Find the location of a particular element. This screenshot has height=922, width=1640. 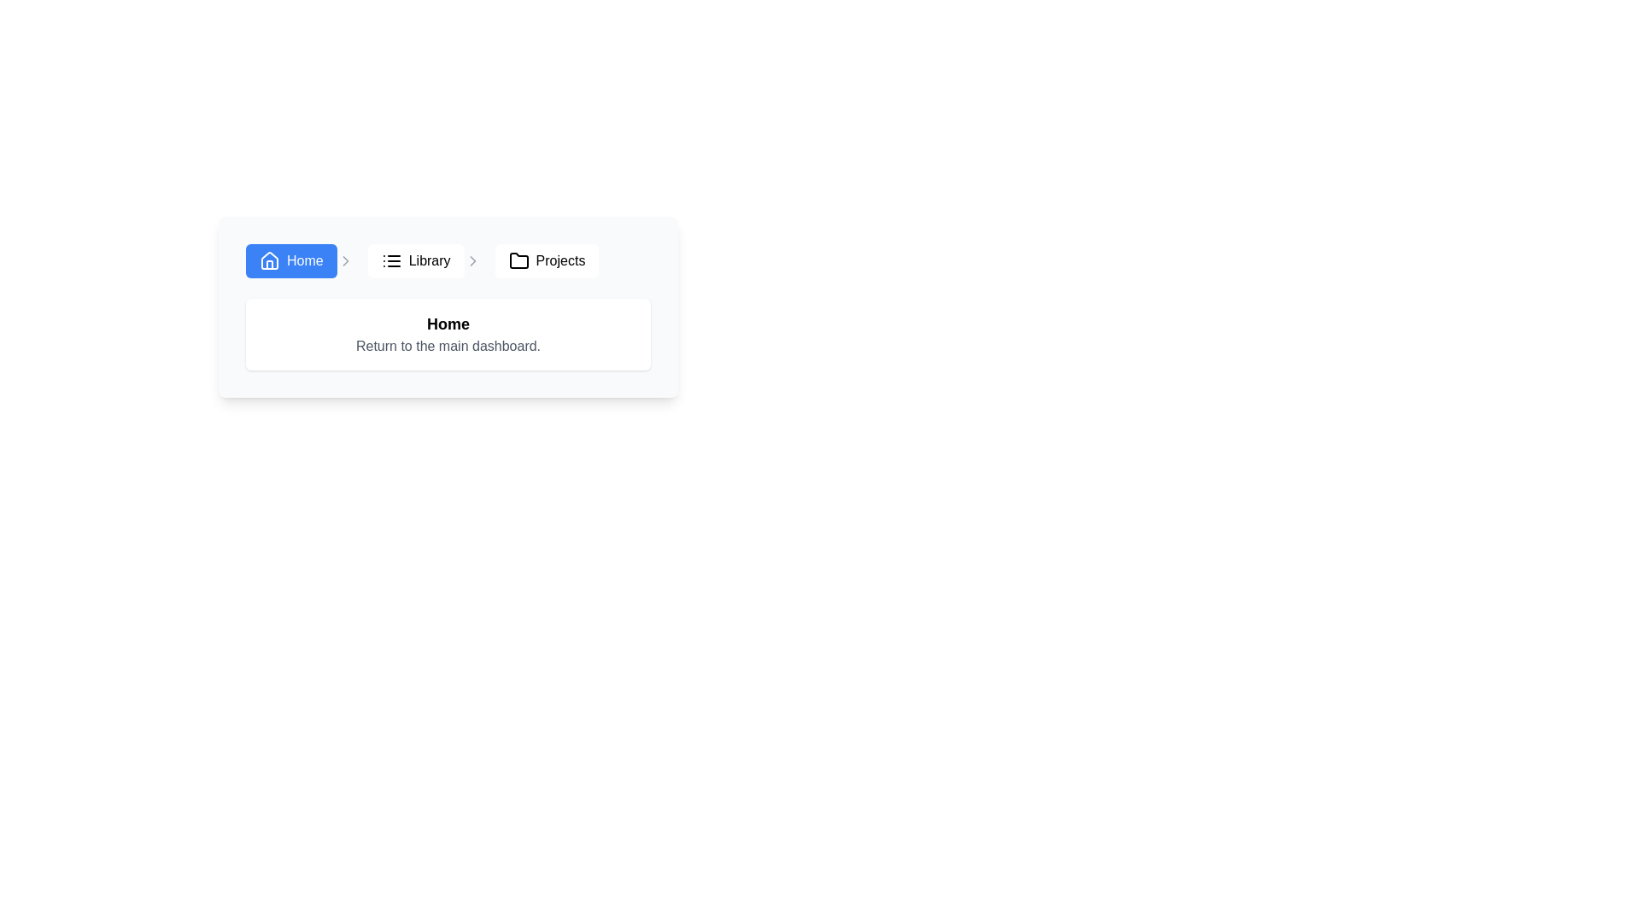

the 'Projects' button located on the far-right of the navigation bar for accessibility navigation is located at coordinates (547, 260).